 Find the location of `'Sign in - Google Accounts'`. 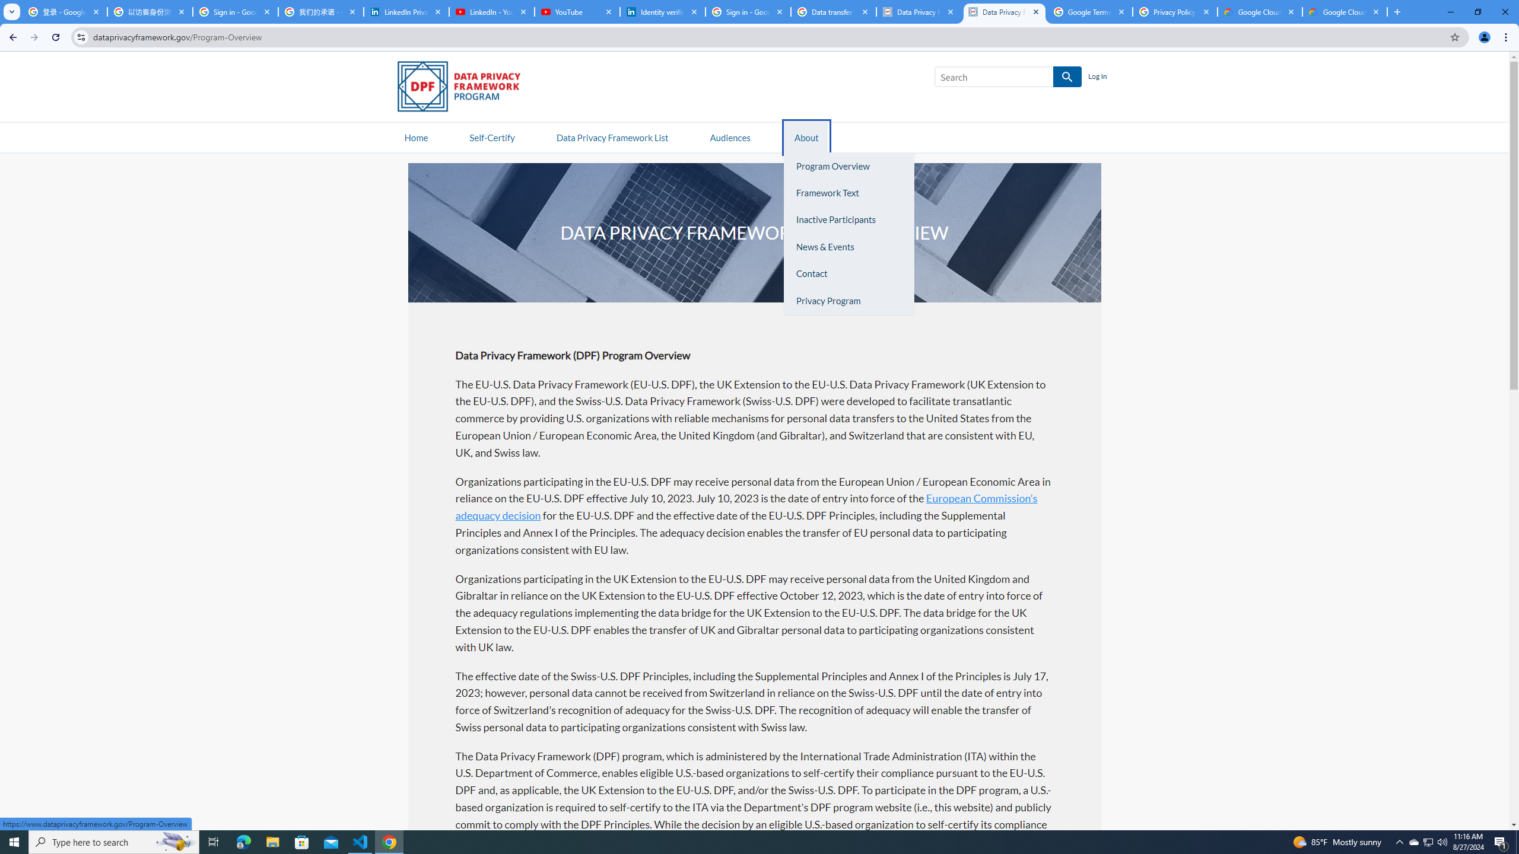

'Sign in - Google Accounts' is located at coordinates (234, 11).